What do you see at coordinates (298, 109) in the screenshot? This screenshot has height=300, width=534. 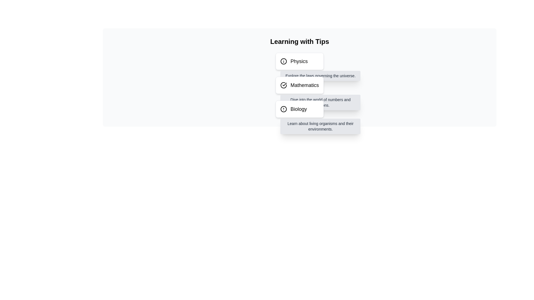 I see `the static text element labeled 'Biology' located in the third grouping under the header 'Learning with Tips', which is associated with a circular icon with an exclamation mark` at bounding box center [298, 109].